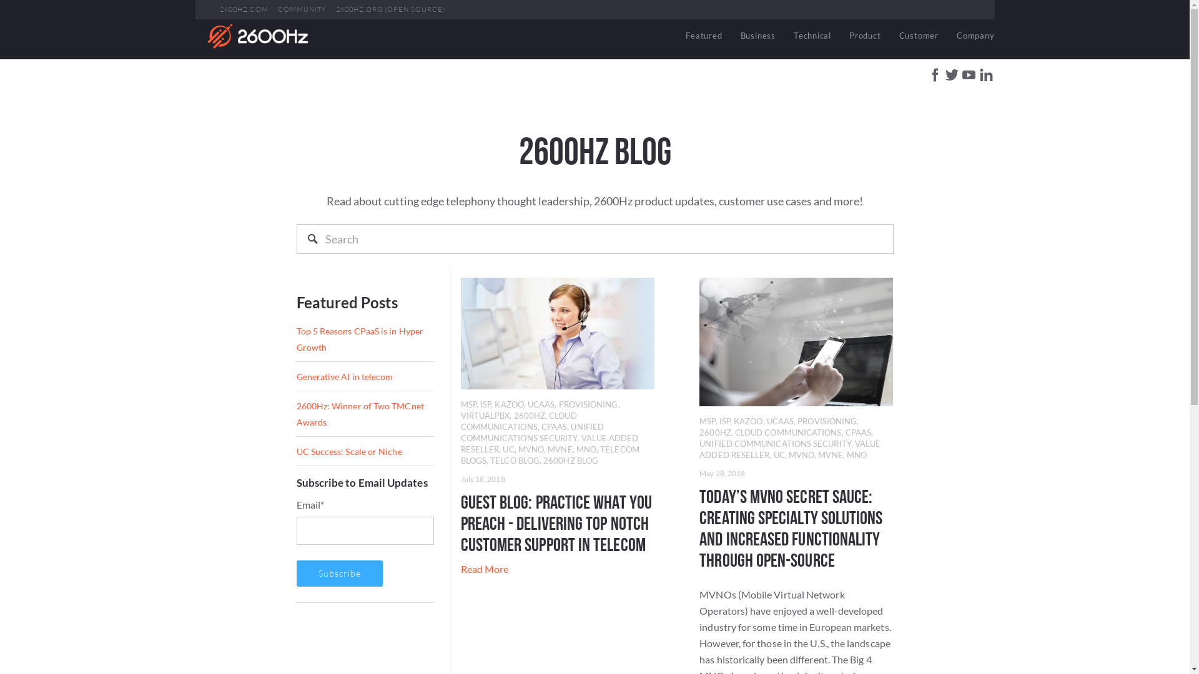  Describe the element at coordinates (344, 376) in the screenshot. I see `'Generative AI in telecom'` at that location.